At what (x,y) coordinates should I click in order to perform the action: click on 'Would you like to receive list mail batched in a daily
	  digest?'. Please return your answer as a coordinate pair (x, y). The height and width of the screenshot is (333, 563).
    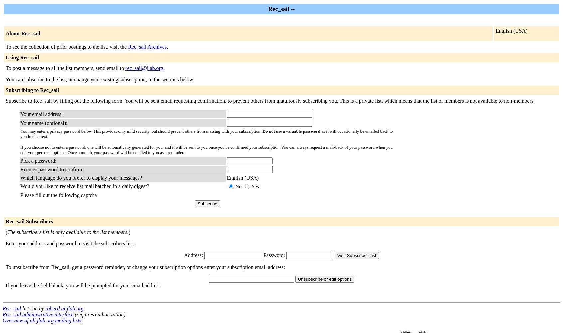
    Looking at the image, I should click on (85, 186).